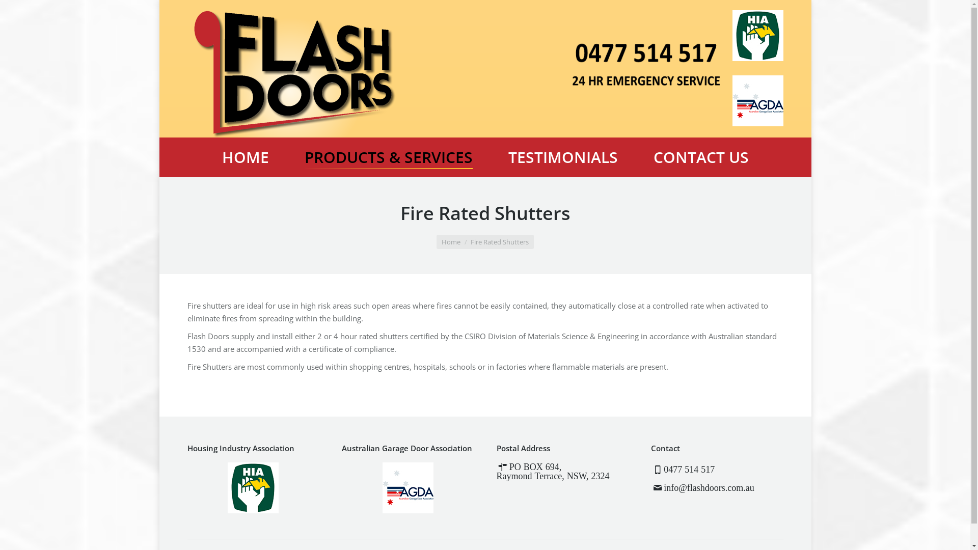  Describe the element at coordinates (700, 157) in the screenshot. I see `'CONTACT US'` at that location.